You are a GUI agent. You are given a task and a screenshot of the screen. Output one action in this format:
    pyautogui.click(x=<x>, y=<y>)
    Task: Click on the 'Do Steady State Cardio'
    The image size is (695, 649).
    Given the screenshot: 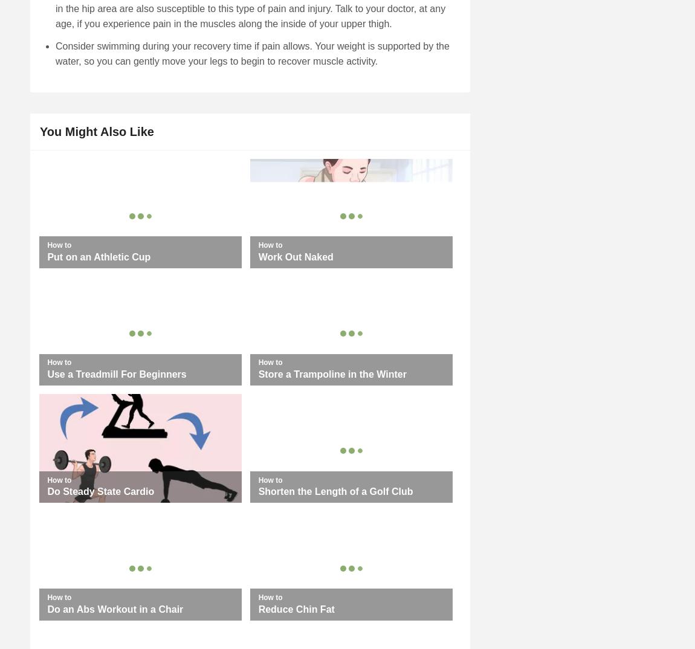 What is the action you would take?
    pyautogui.click(x=100, y=491)
    